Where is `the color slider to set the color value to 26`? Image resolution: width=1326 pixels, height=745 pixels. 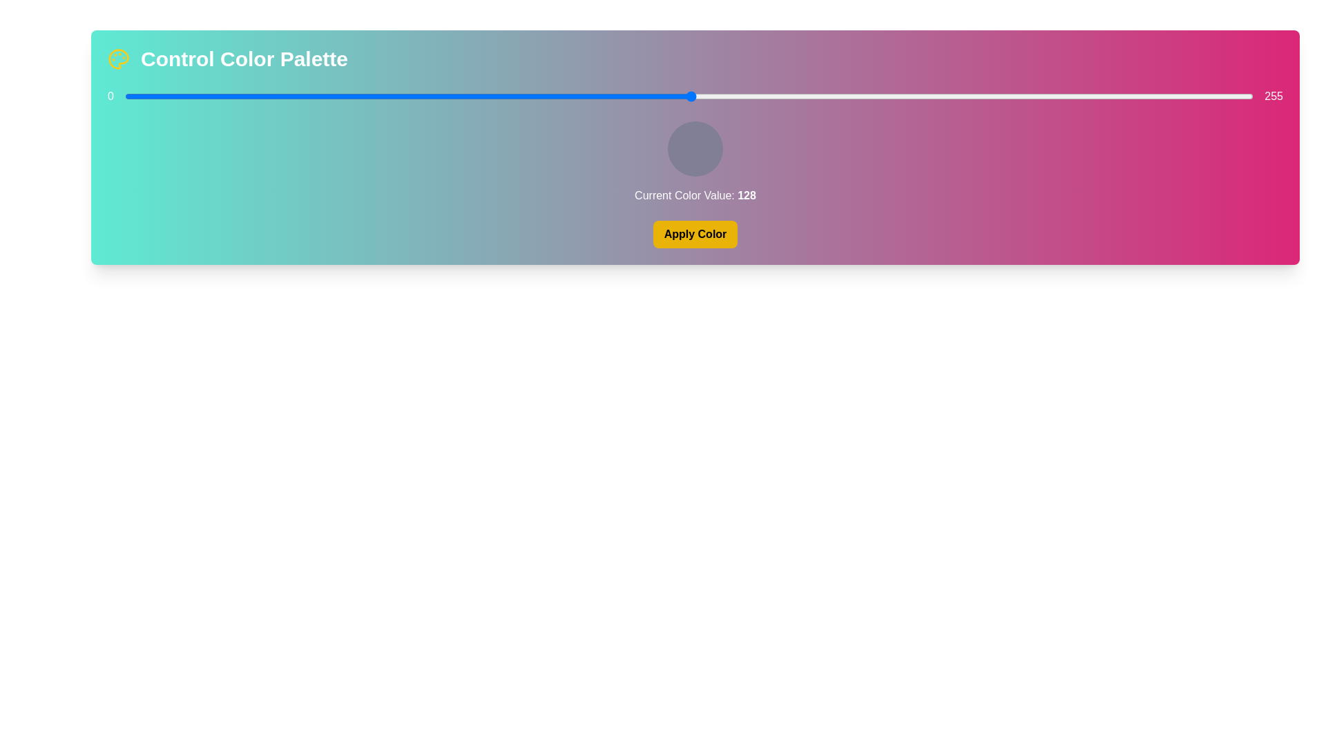
the color slider to set the color value to 26 is located at coordinates (240, 95).